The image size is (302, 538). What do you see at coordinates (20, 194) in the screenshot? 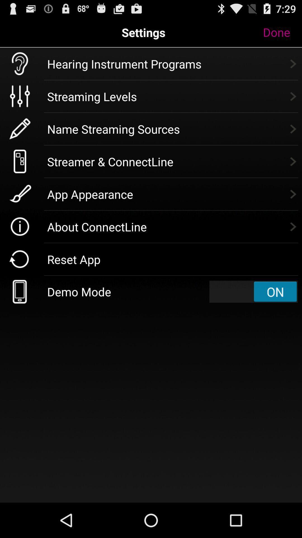
I see `the app appearance icone` at bounding box center [20, 194].